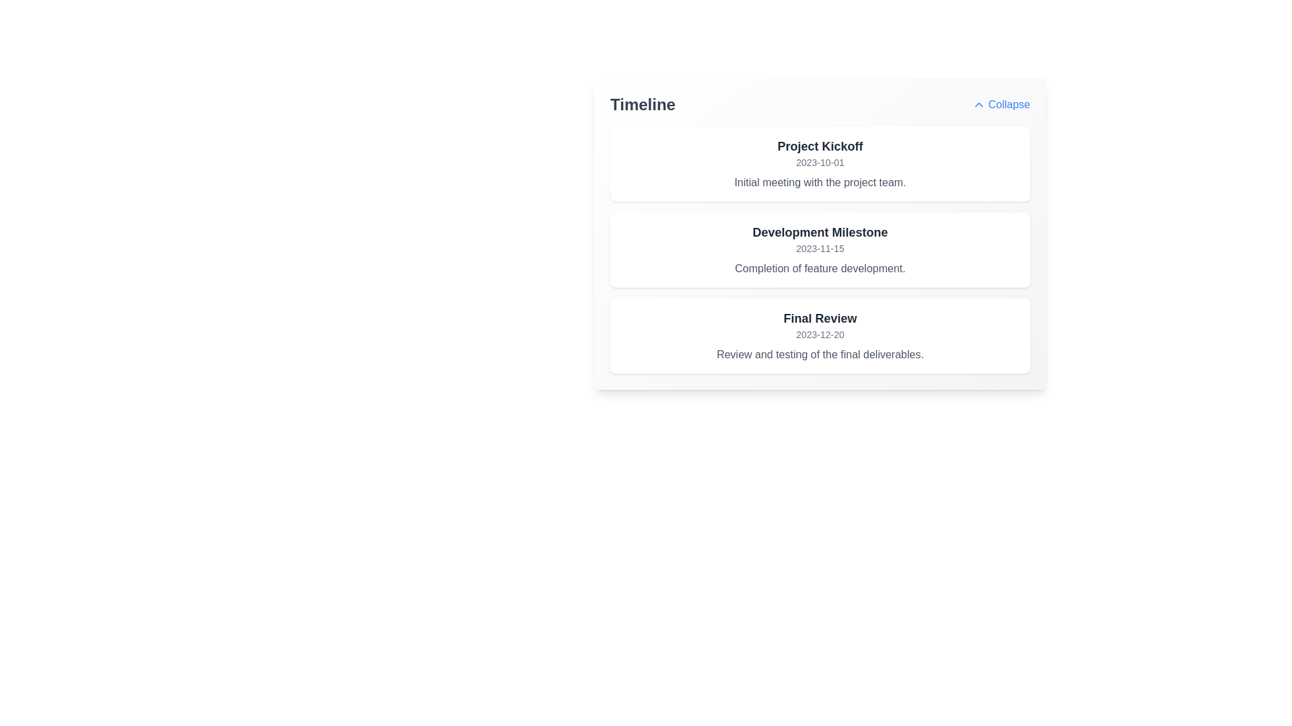 This screenshot has width=1292, height=726. Describe the element at coordinates (820, 354) in the screenshot. I see `the text block displaying 'Review and testing of the final deliverables.' styled in gray color, located within a white background card at the bottom of a timeline interface` at that location.